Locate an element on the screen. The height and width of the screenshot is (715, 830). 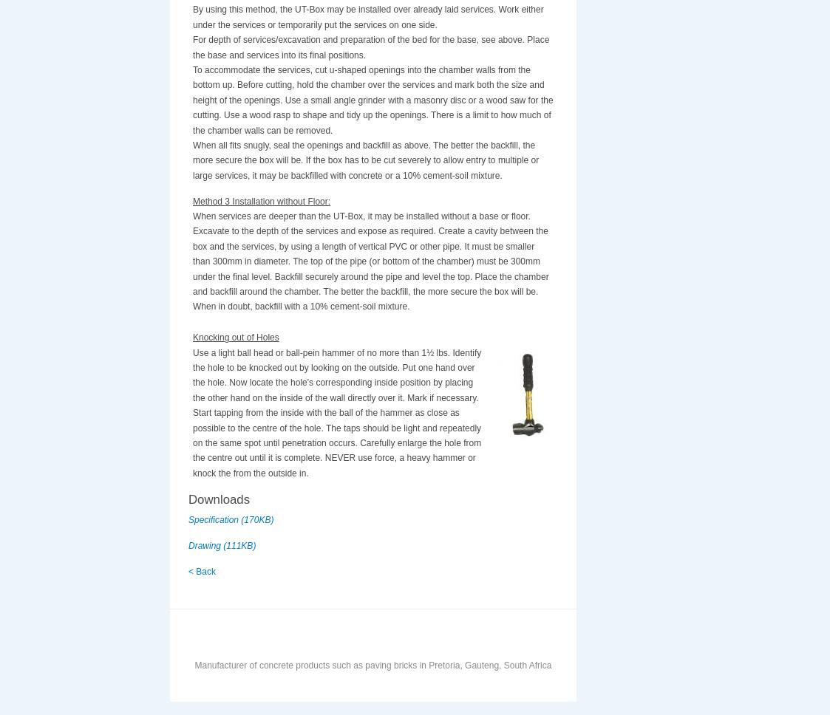
'Drawing (111KB)' is located at coordinates (222, 545).